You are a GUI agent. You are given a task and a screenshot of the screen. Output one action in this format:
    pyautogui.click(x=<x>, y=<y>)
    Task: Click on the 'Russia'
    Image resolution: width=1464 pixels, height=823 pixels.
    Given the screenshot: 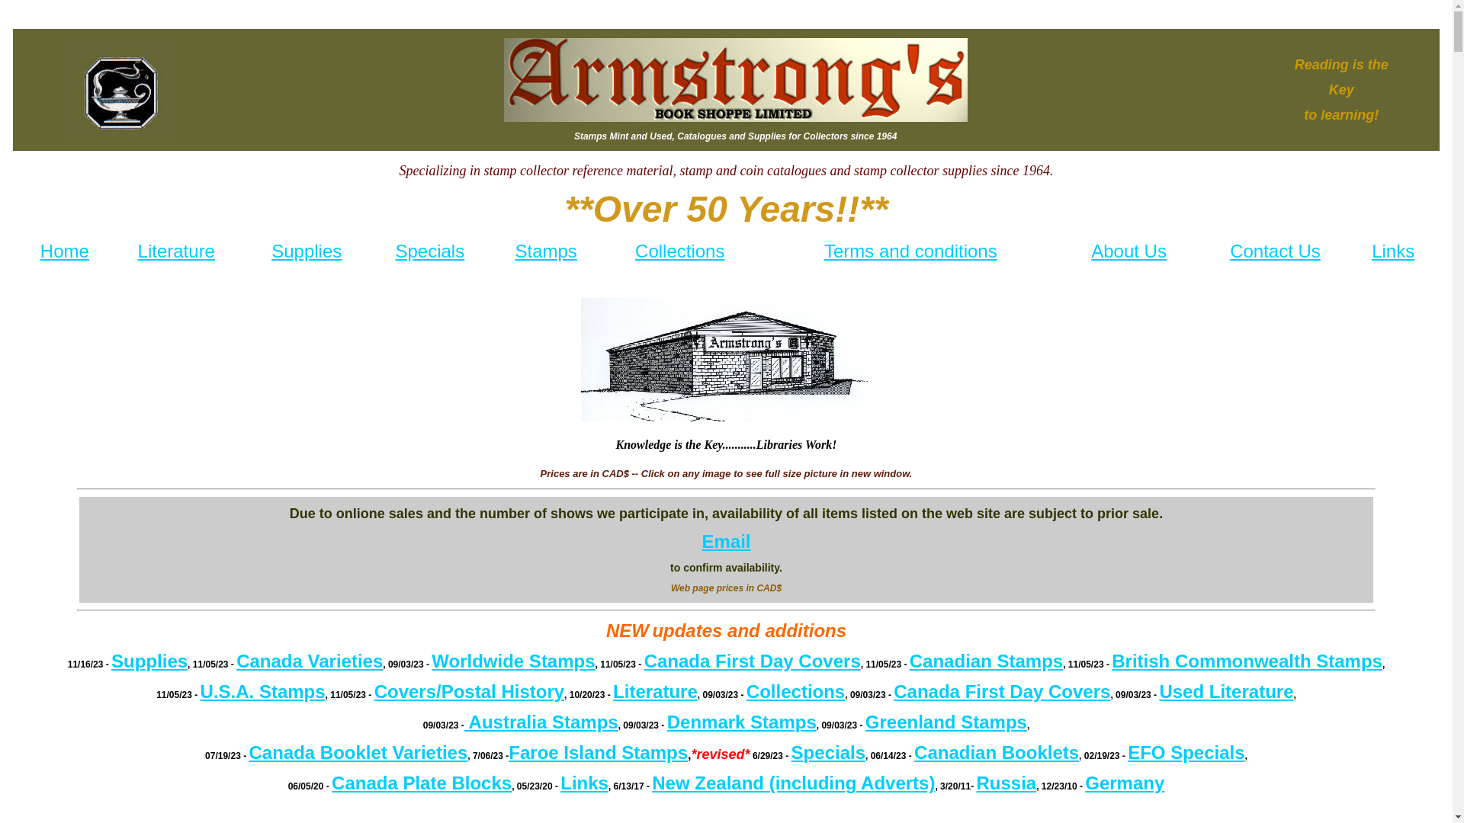 What is the action you would take?
    pyautogui.click(x=976, y=783)
    